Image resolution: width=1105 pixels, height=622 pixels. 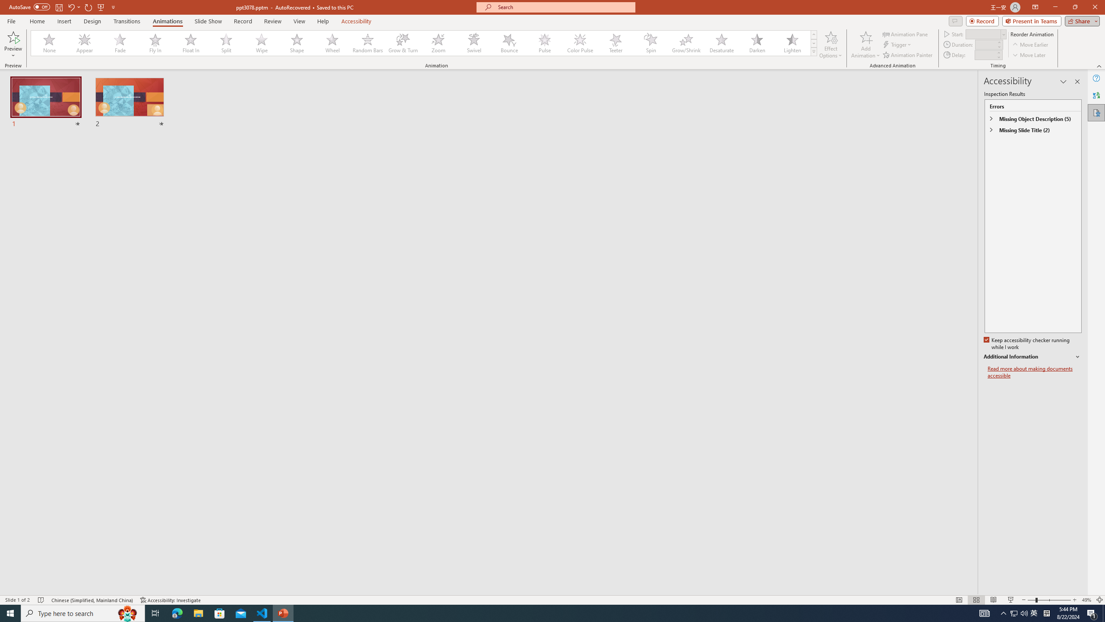 What do you see at coordinates (367, 43) in the screenshot?
I see `'Random Bars'` at bounding box center [367, 43].